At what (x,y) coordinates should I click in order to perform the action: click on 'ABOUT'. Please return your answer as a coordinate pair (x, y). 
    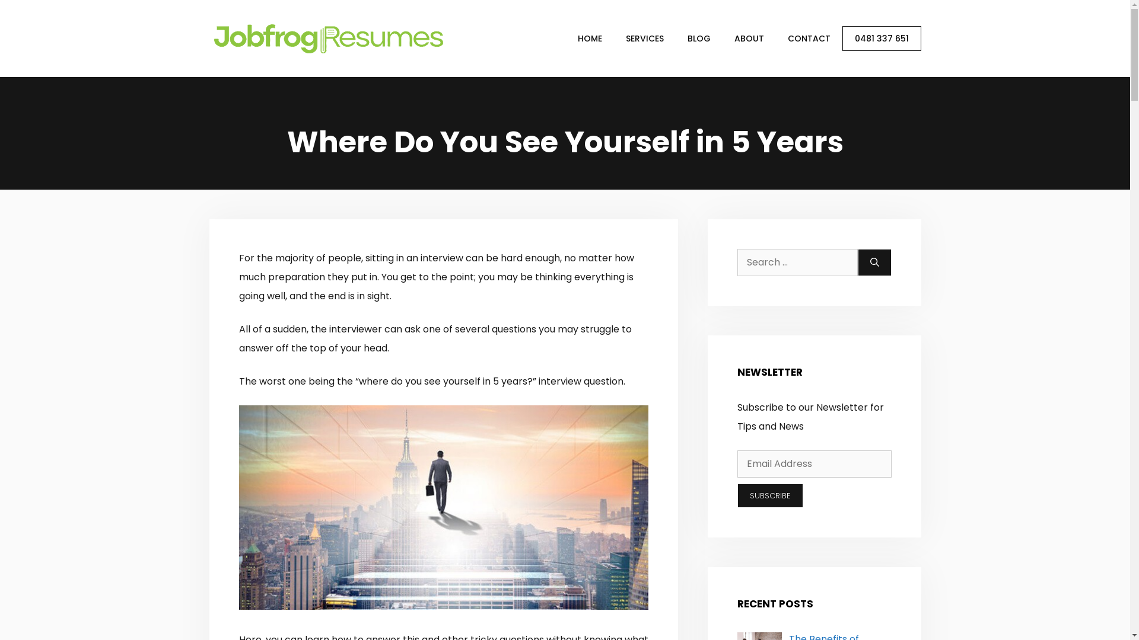
    Looking at the image, I should click on (748, 38).